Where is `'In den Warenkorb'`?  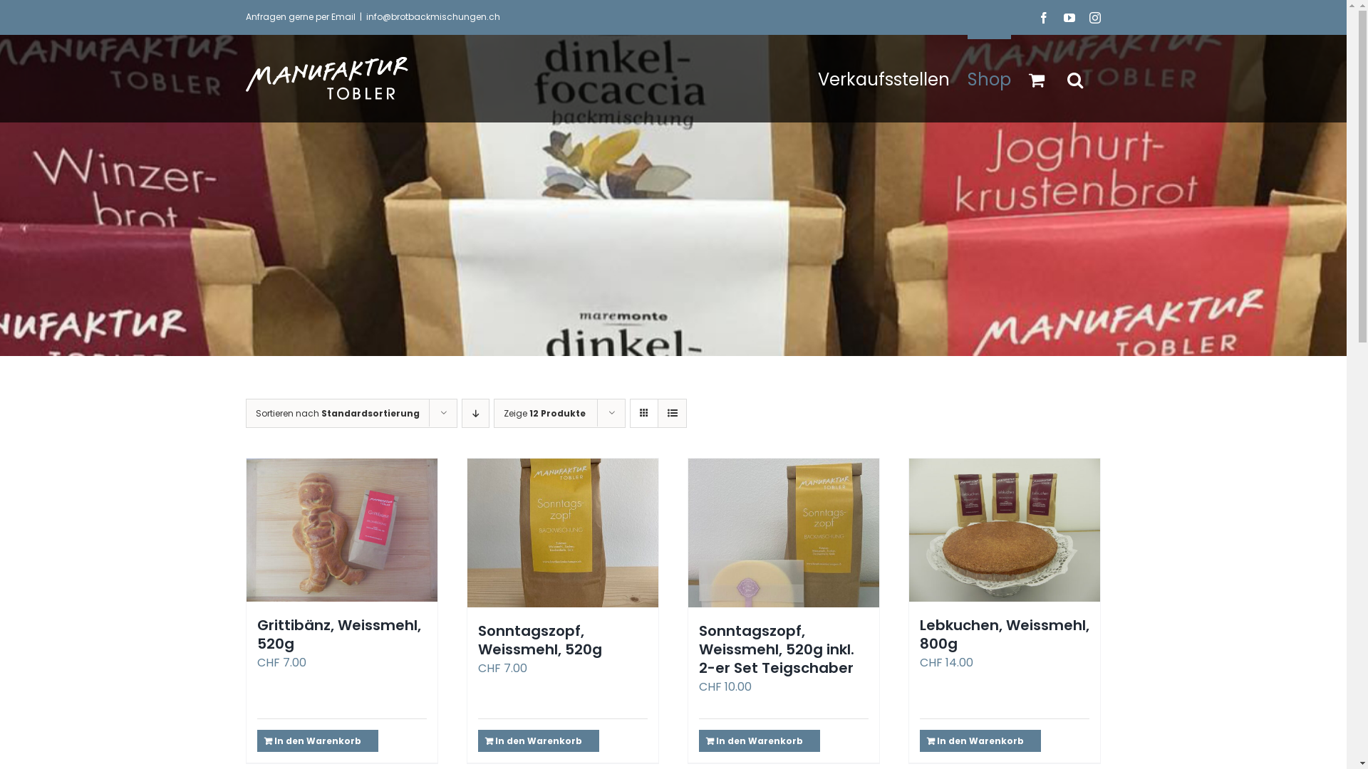
'In den Warenkorb' is located at coordinates (980, 740).